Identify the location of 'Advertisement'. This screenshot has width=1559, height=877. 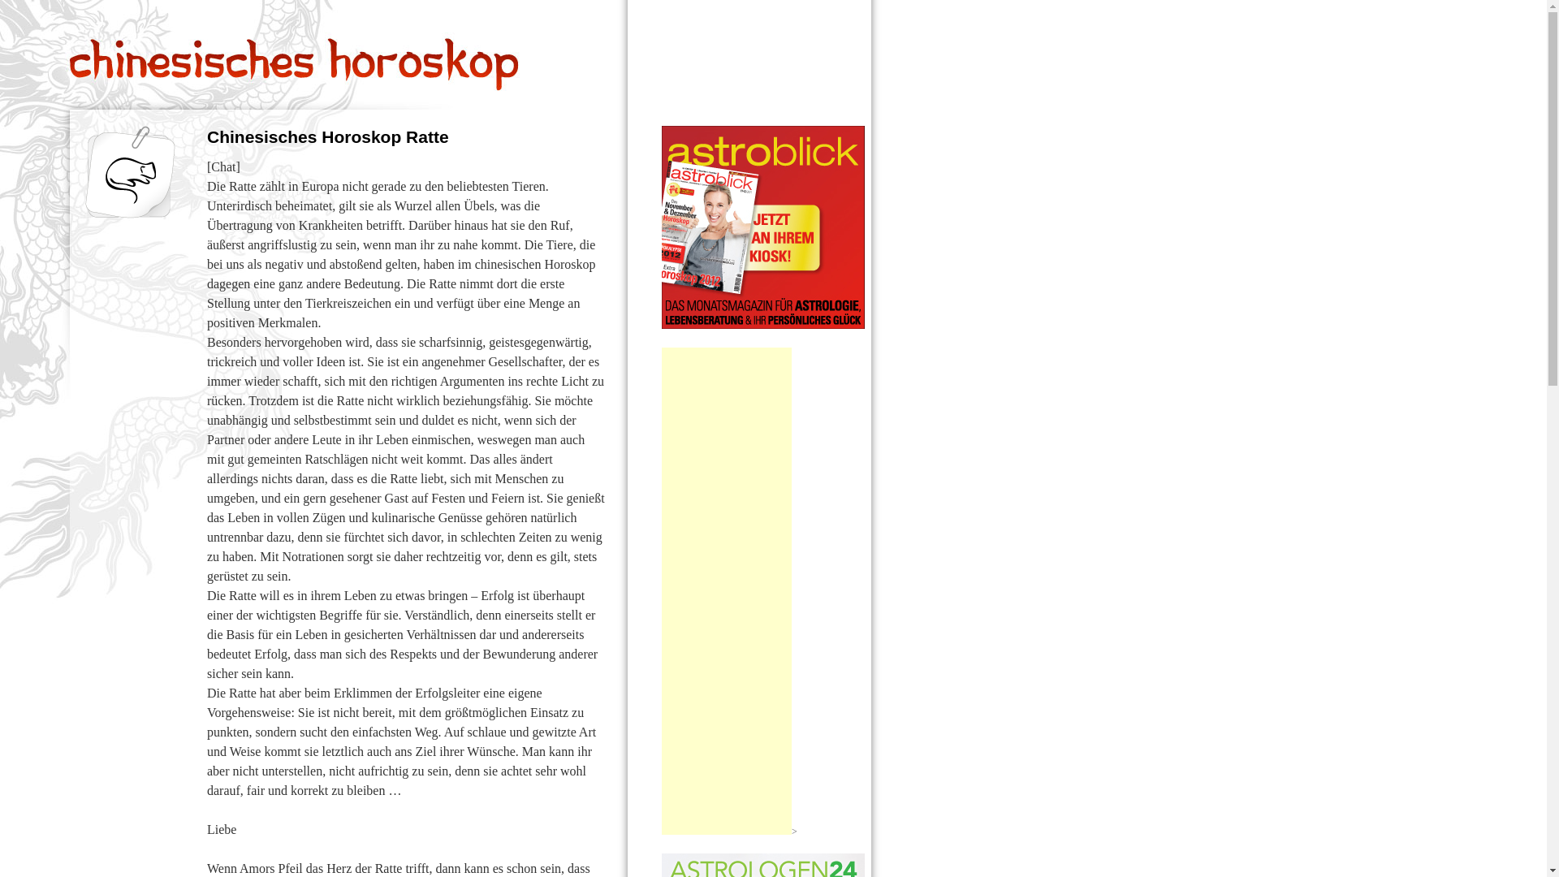
(662, 591).